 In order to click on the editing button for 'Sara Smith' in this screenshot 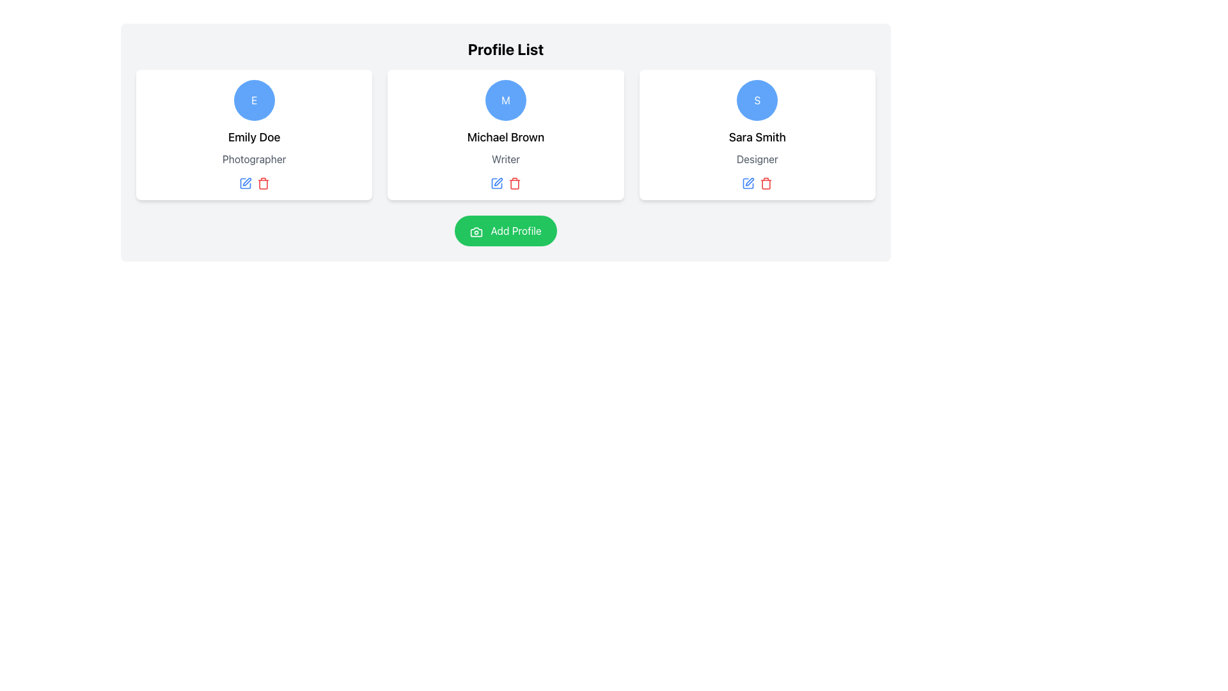, I will do `click(748, 183)`.